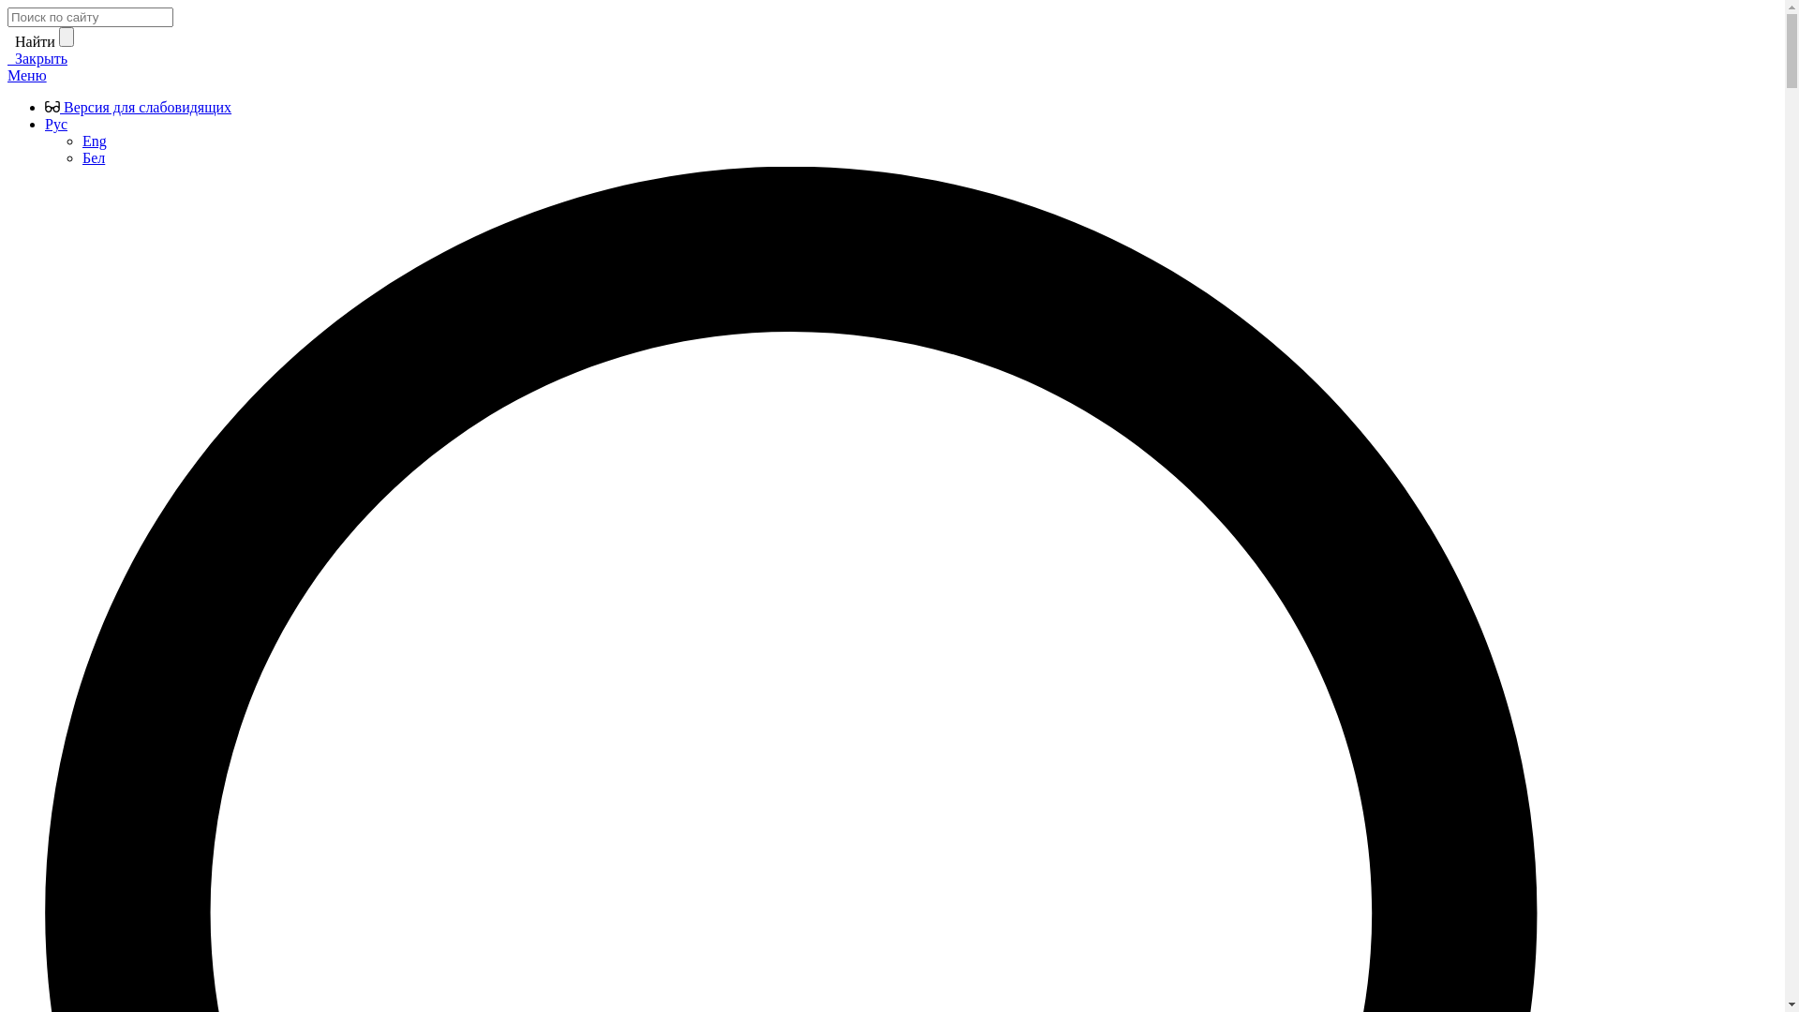 The image size is (1799, 1012). What do you see at coordinates (93, 140) in the screenshot?
I see `'Eng'` at bounding box center [93, 140].